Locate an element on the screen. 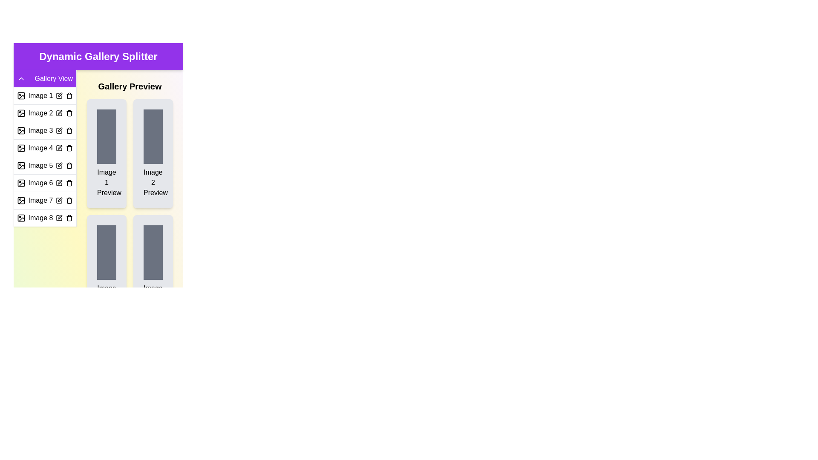 The width and height of the screenshot is (818, 460). the text label displaying 'Image 2' in the Gallery View panel is located at coordinates (40, 113).